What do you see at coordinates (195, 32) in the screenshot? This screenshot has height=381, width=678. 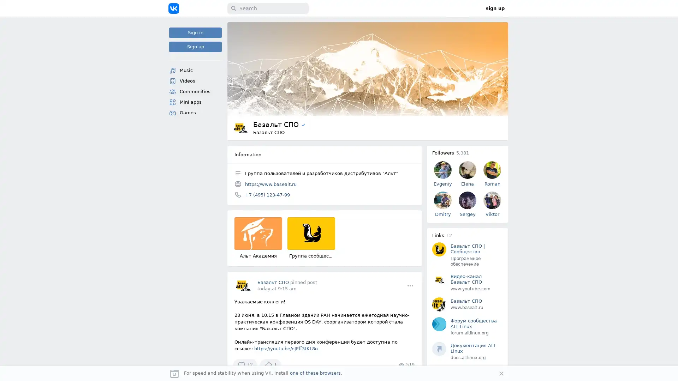 I see `Sign in` at bounding box center [195, 32].